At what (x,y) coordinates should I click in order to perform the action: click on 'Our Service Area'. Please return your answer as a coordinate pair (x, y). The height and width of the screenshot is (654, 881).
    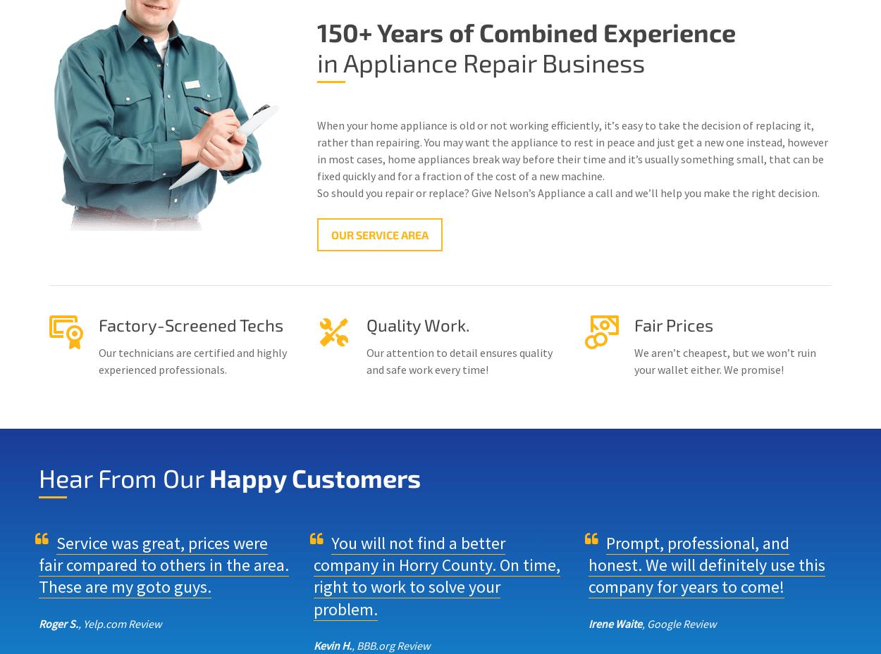
    Looking at the image, I should click on (380, 234).